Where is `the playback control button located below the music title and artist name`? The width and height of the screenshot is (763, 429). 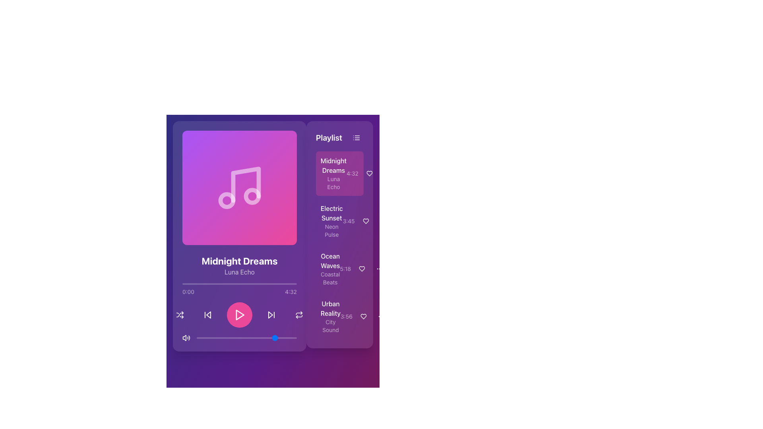
the playback control button located below the music title and artist name is located at coordinates (240, 315).